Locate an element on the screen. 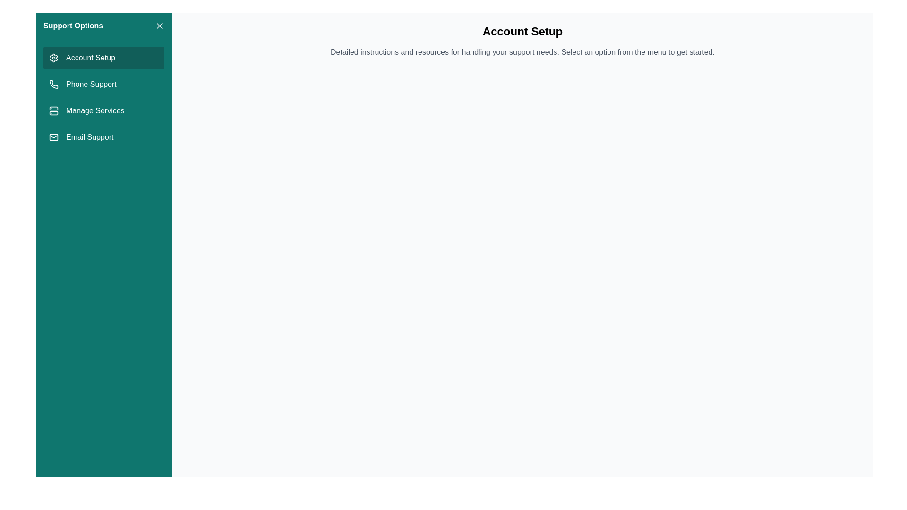  the 'Manage Services' button located in the left-hand sidebar menu, which is the third item in its list, positioned between 'Phone Support' and 'Email Support' is located at coordinates (104, 110).